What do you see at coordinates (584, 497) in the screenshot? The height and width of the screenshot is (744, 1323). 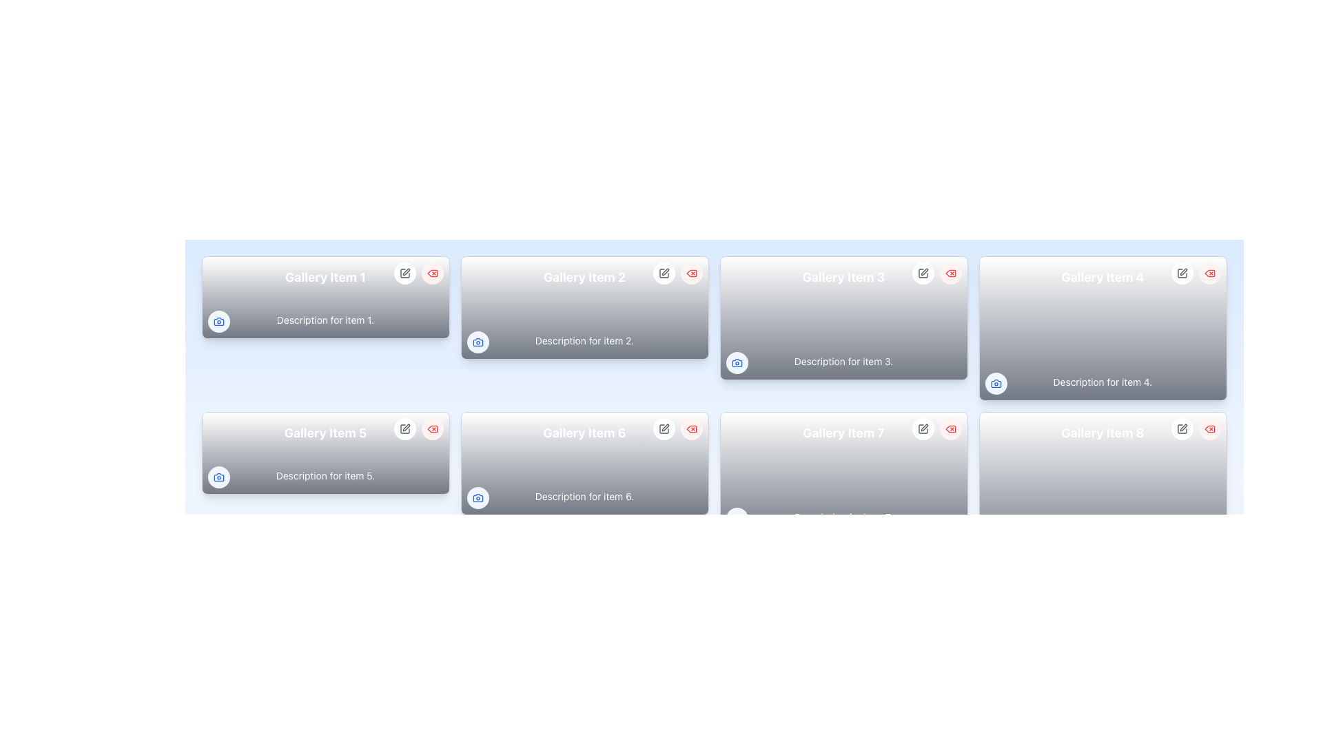 I see `text content of the Text Label located below the title 'Gallery Item 6' in the sixth item of the gallery layout` at bounding box center [584, 497].